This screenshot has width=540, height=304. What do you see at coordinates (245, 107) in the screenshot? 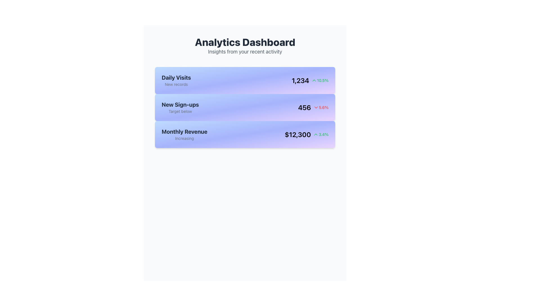
I see `the metrics displayed on the informational card about 'New Sign-ups', which is the second card in a vertical stack of three cards` at bounding box center [245, 107].